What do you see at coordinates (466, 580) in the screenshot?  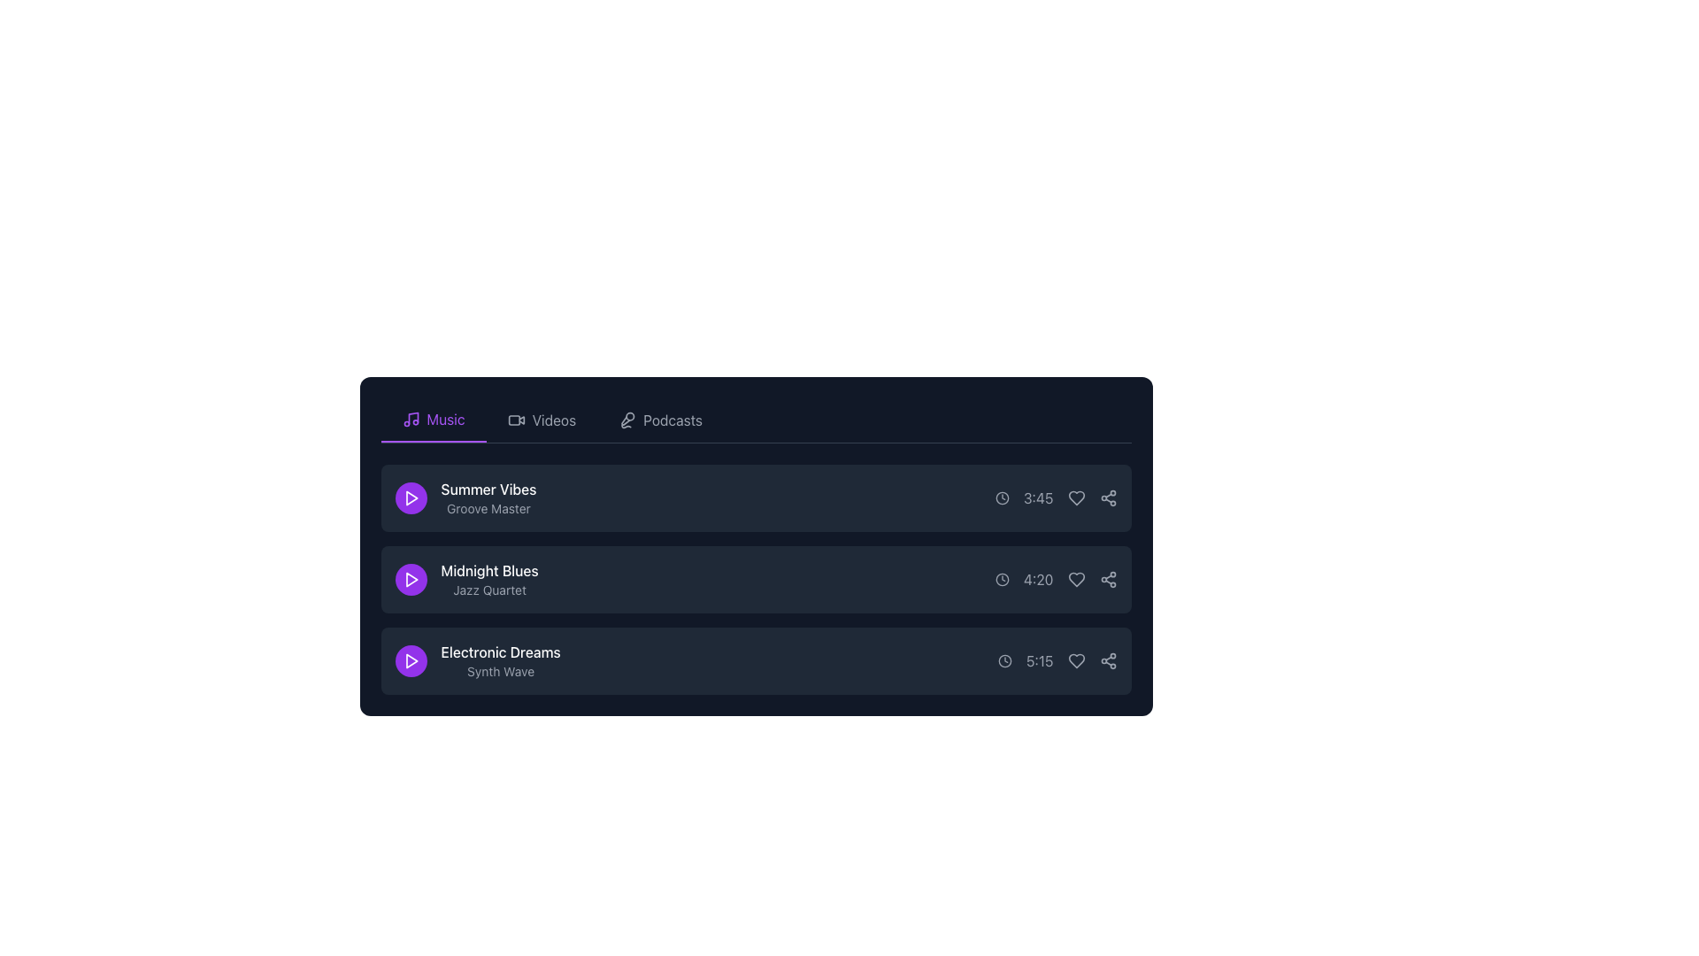 I see `the text display representing the music track 'Midnight Blues' by 'Jazz Quartet', which is located in the second row of the list between 'Summer Vibes' and 'Electronic Dreams'` at bounding box center [466, 580].